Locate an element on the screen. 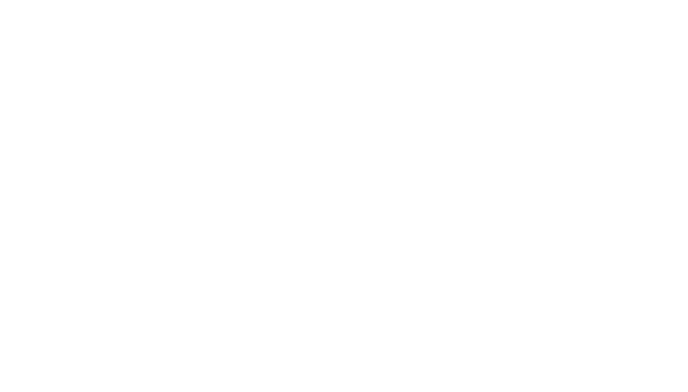 Image resolution: width=688 pixels, height=392 pixels. 'chicken taquitos, cut in half' is located at coordinates (204, 350).